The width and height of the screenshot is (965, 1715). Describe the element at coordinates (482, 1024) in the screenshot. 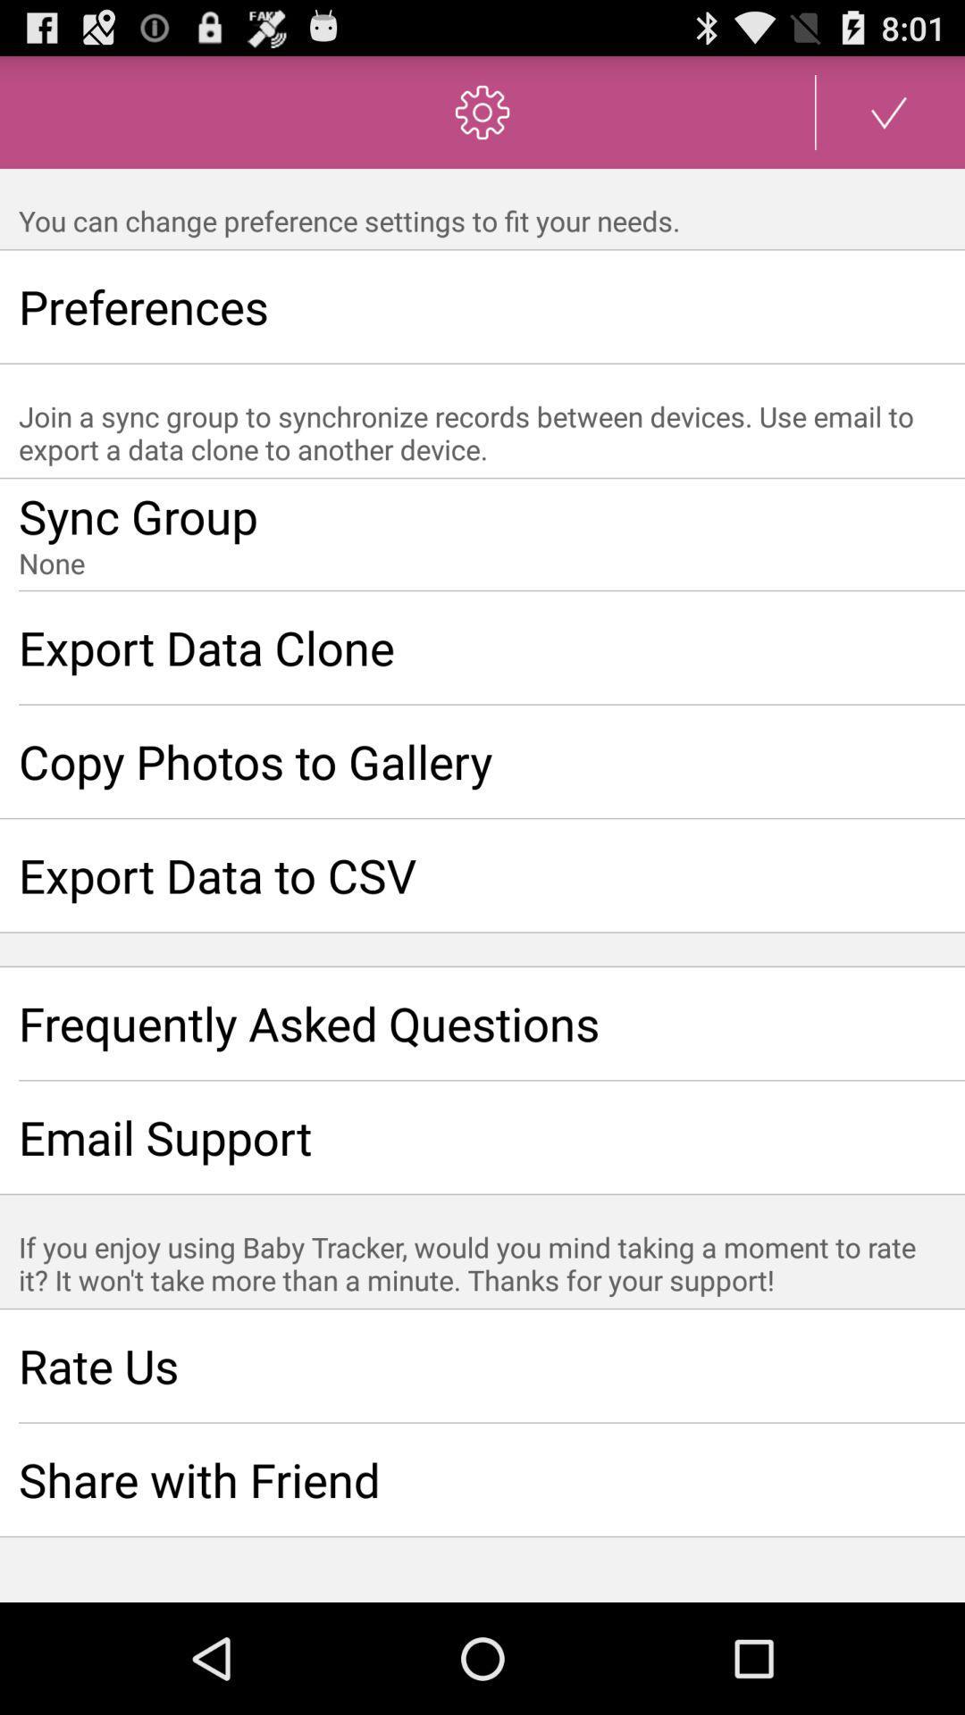

I see `frequently asked questions icon` at that location.